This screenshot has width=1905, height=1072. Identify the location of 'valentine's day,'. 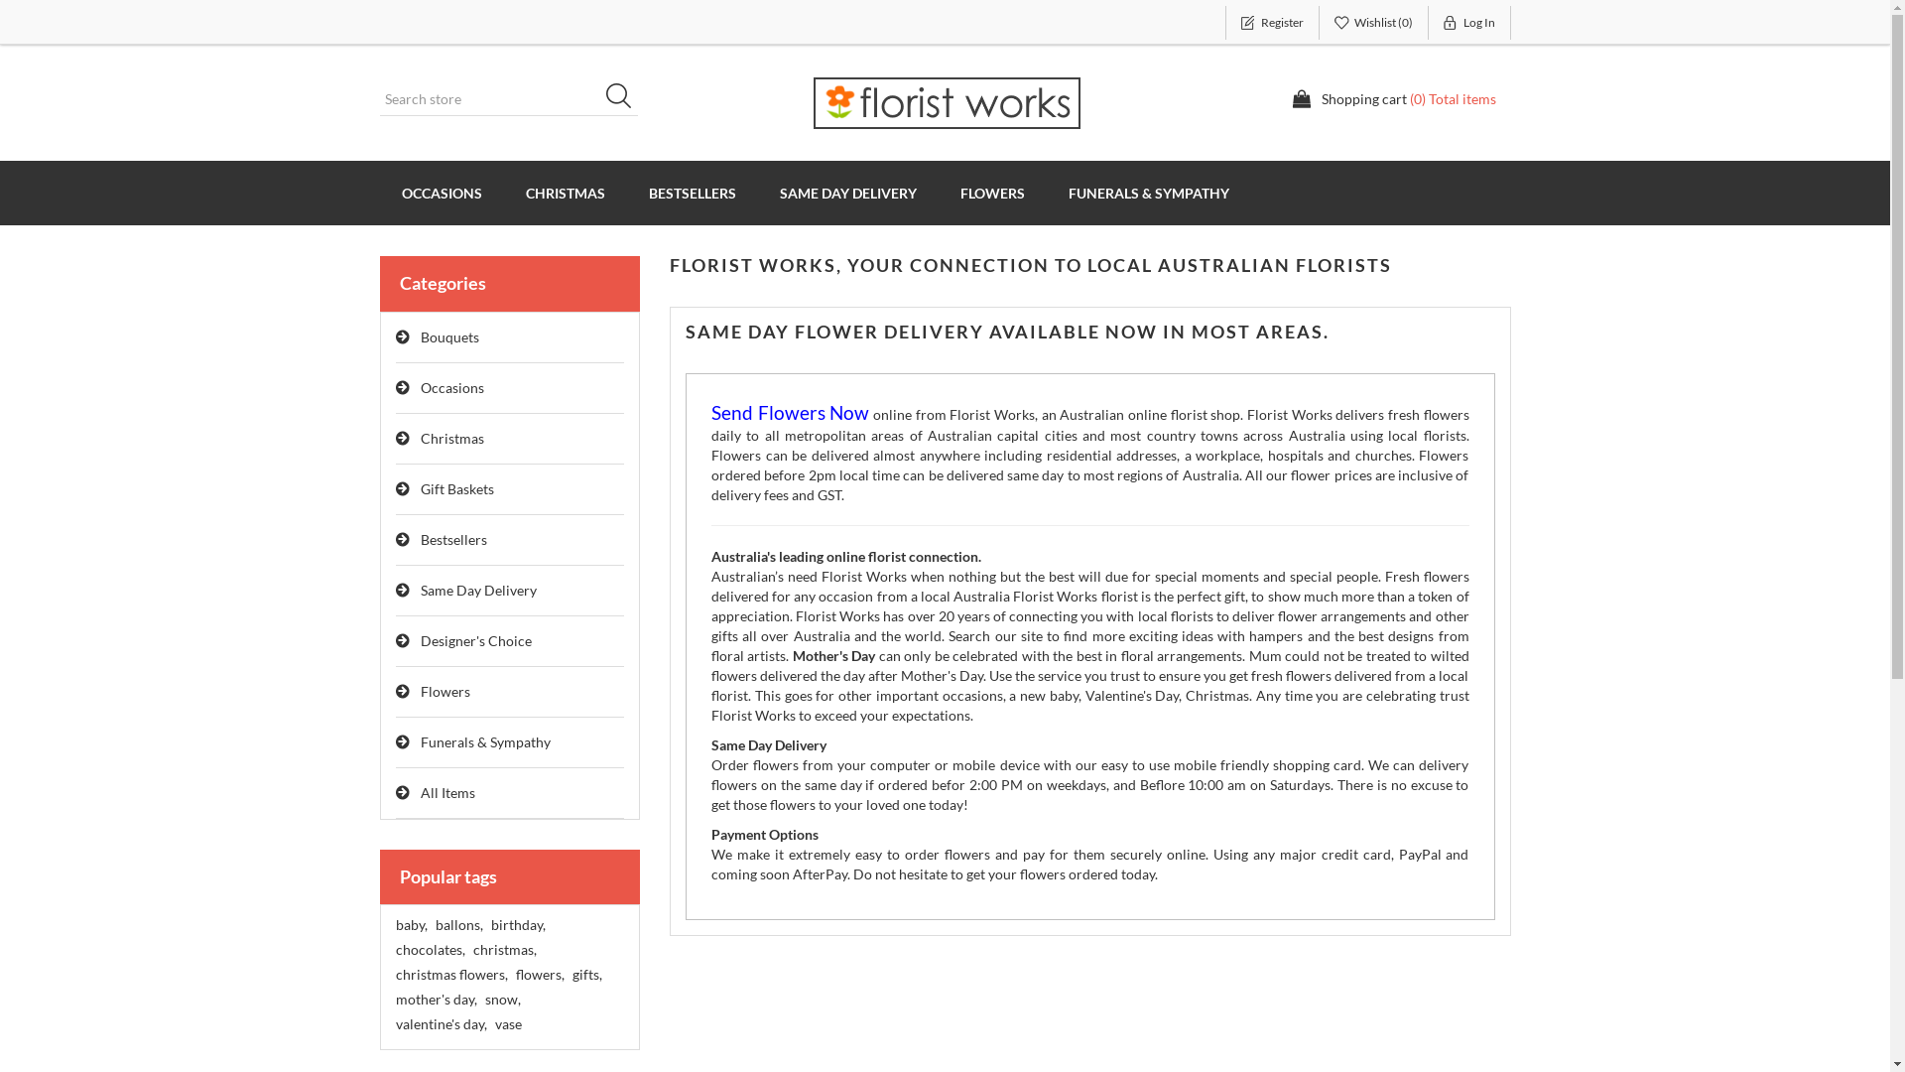
(395, 1024).